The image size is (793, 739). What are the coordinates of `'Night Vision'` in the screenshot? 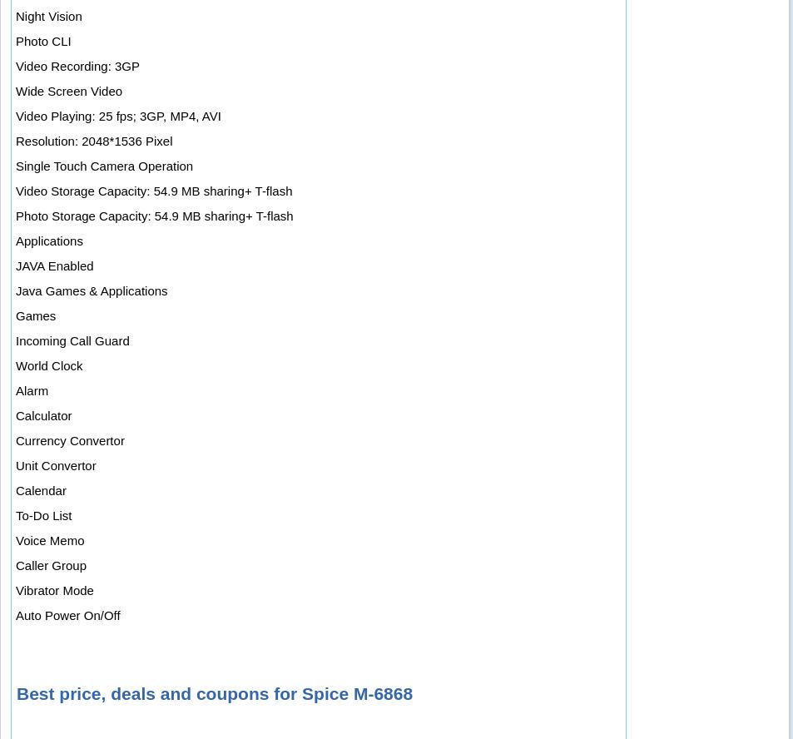 It's located at (47, 16).